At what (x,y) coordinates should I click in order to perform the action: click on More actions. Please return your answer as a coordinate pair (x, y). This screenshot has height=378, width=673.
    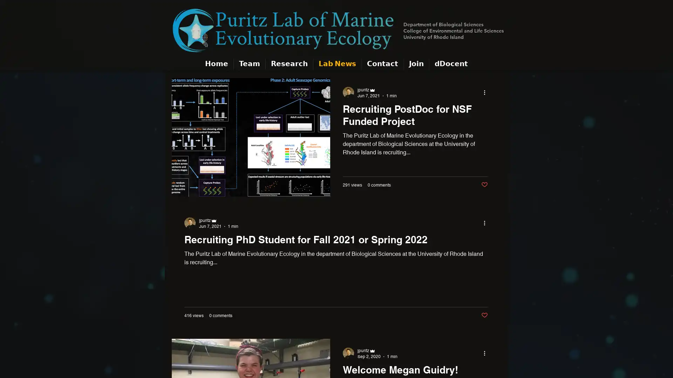
    Looking at the image, I should click on (486, 353).